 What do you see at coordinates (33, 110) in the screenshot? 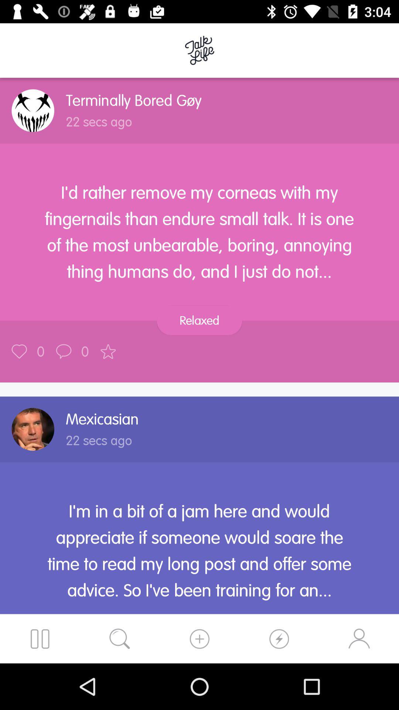
I see `profile` at bounding box center [33, 110].